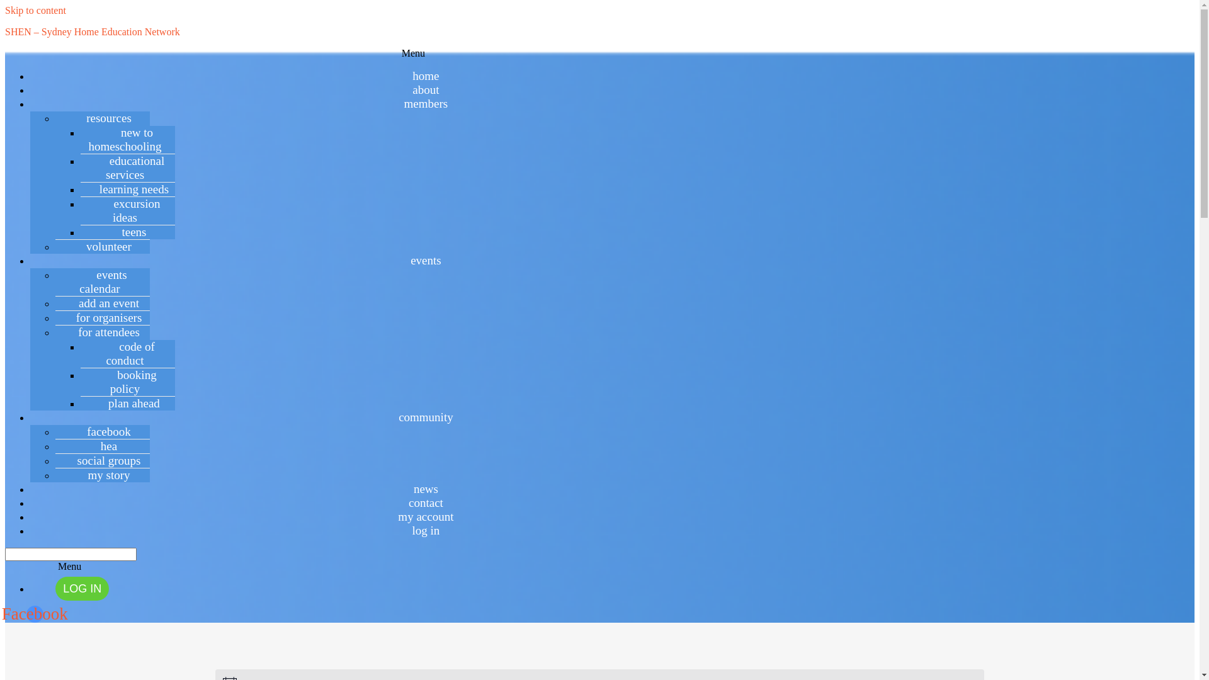  Describe the element at coordinates (35, 613) in the screenshot. I see `'Facebook'` at that location.